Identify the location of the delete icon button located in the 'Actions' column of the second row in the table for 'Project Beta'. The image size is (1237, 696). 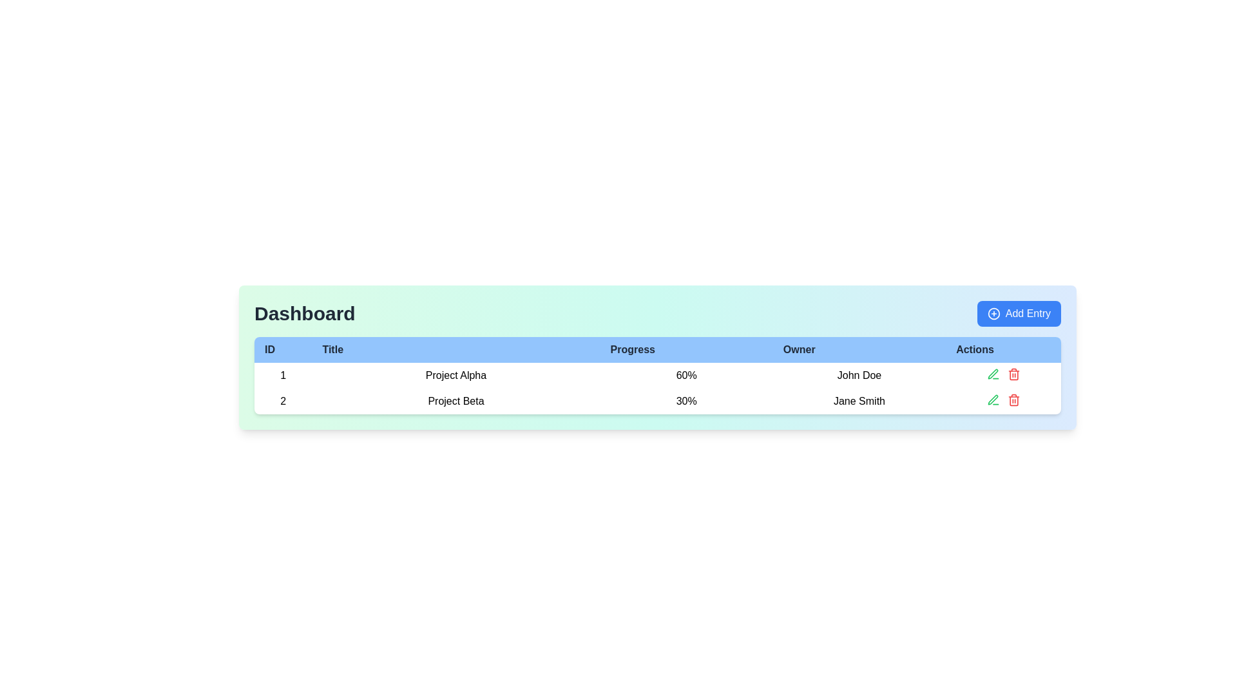
(1013, 375).